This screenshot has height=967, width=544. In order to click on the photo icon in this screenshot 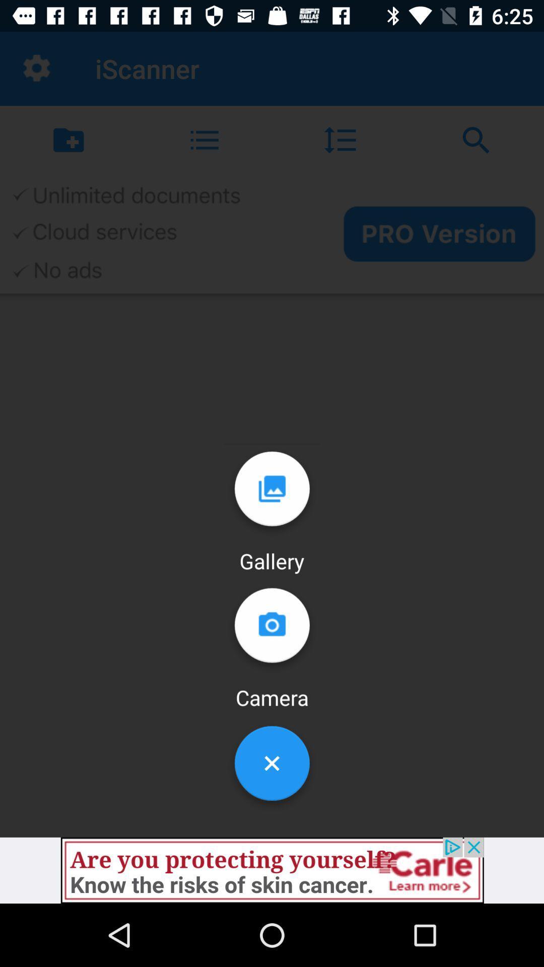, I will do `click(272, 630)`.